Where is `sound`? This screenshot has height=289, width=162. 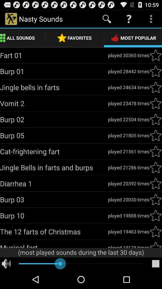
sound is located at coordinates (155, 87).